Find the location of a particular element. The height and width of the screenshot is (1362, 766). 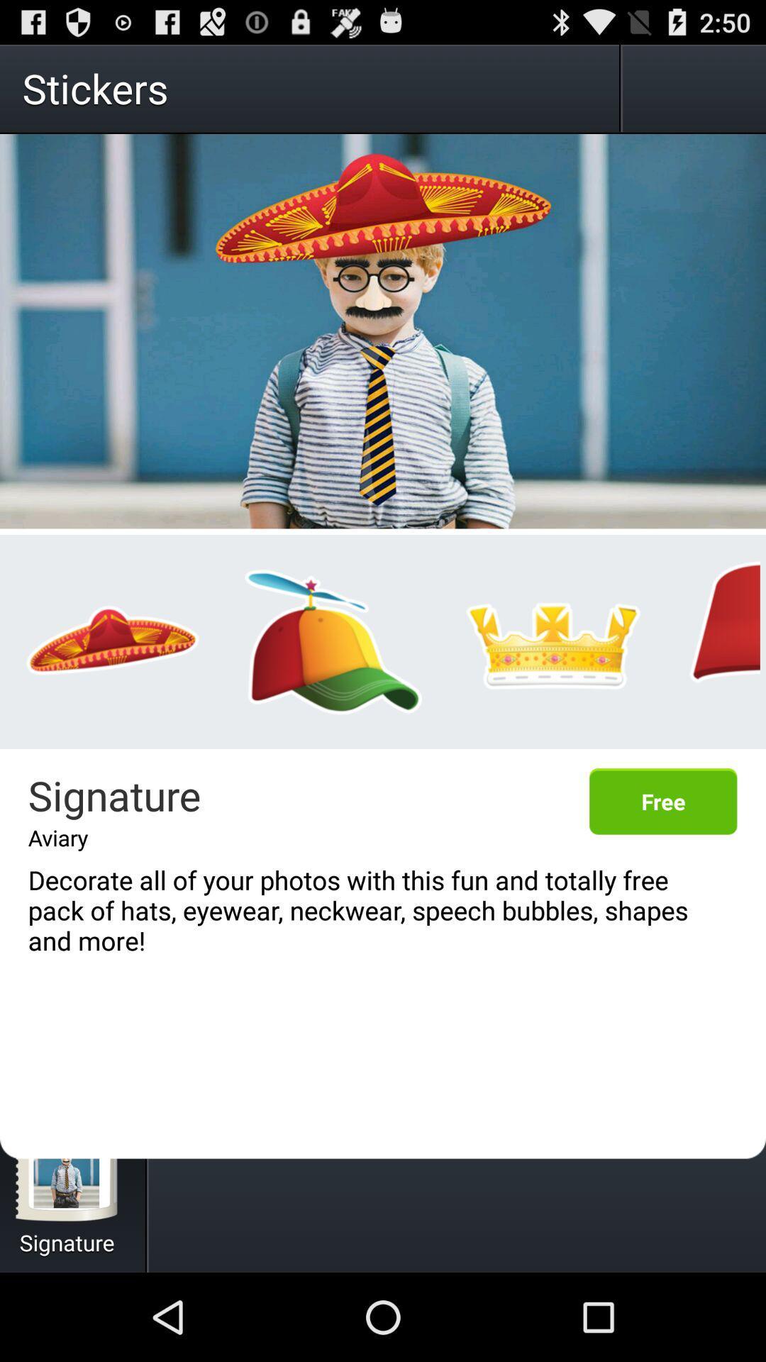

the sticker right to the cap sticker is located at coordinates (553, 641).